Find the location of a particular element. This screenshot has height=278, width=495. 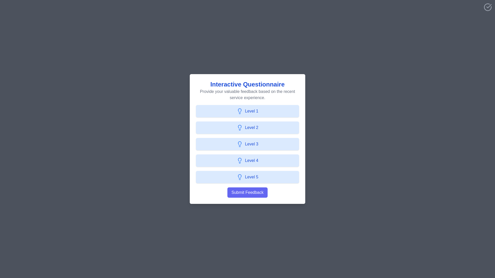

the 'Submit Feedback' button to submit the feedback is located at coordinates (247, 193).